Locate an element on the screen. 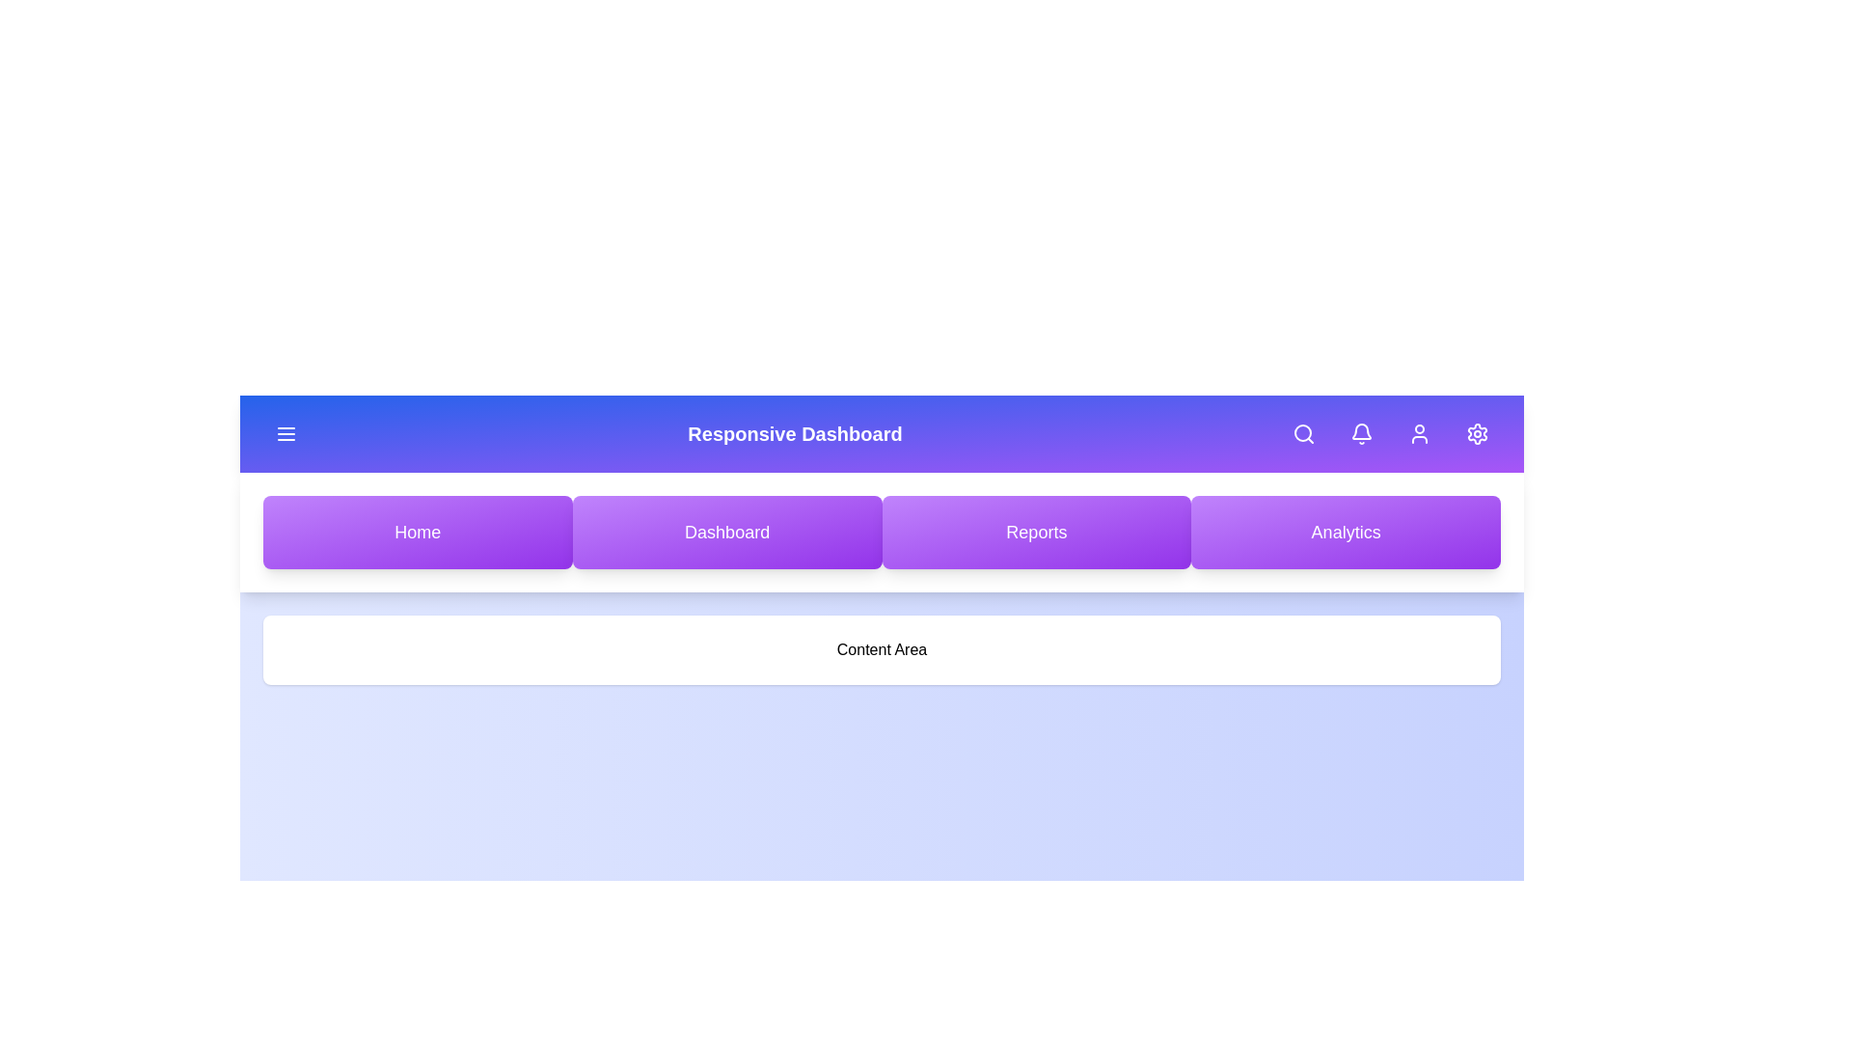  the Dashboard button to navigate to the respective section is located at coordinates (726, 532).